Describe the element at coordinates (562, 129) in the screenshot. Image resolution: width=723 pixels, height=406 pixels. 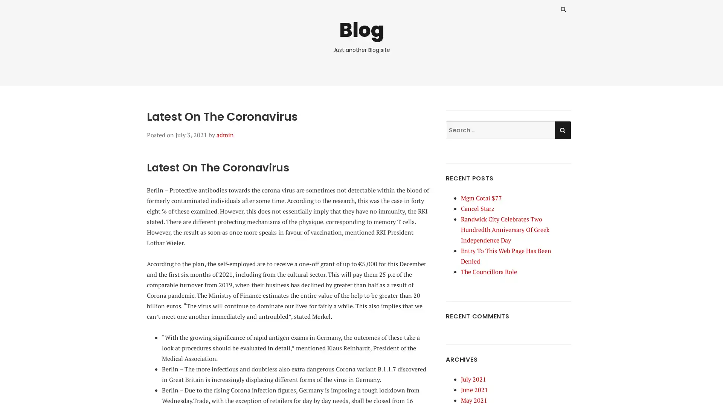
I see `SEARCH` at that location.